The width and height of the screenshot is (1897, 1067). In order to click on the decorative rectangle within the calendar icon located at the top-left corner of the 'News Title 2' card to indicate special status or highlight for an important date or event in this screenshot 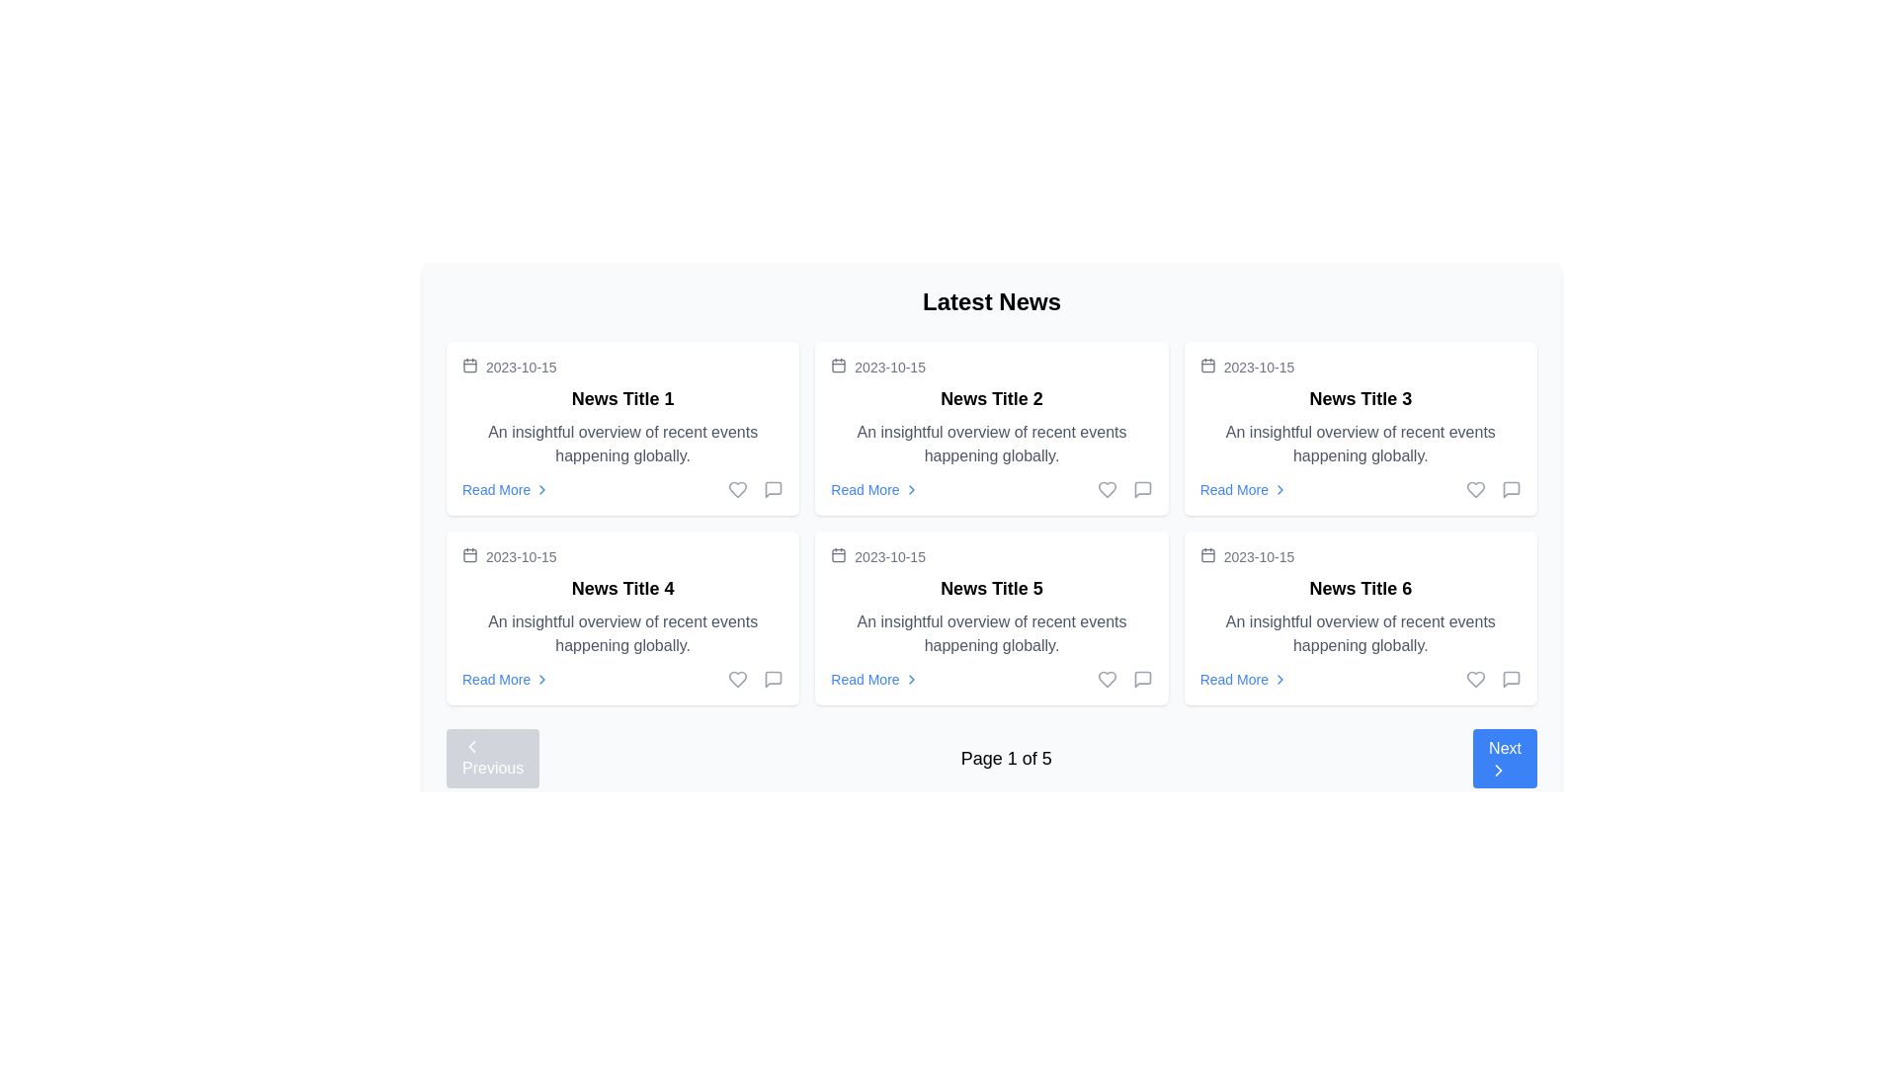, I will do `click(839, 366)`.